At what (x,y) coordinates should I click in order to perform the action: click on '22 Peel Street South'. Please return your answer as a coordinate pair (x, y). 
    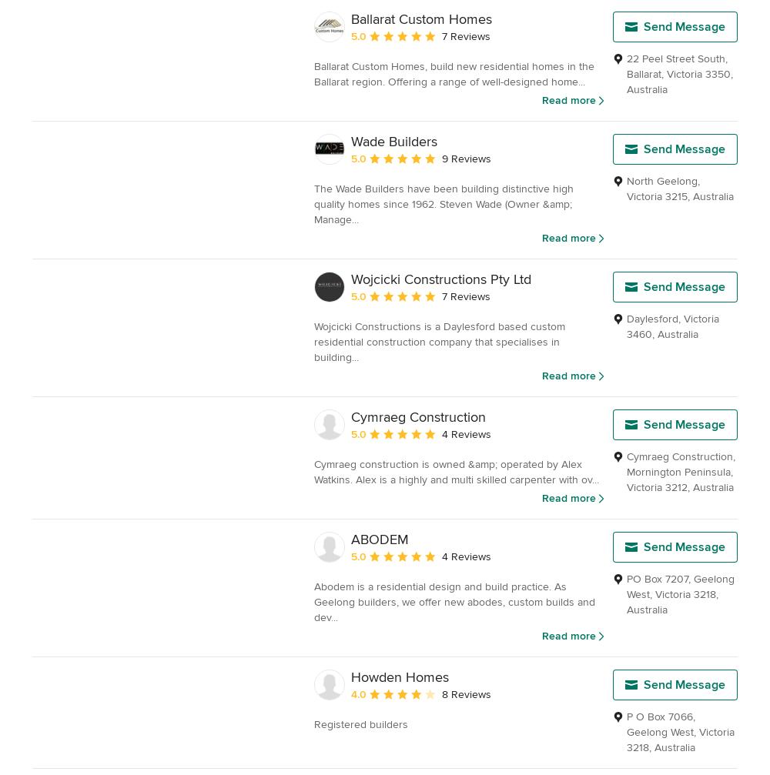
    Looking at the image, I should click on (676, 58).